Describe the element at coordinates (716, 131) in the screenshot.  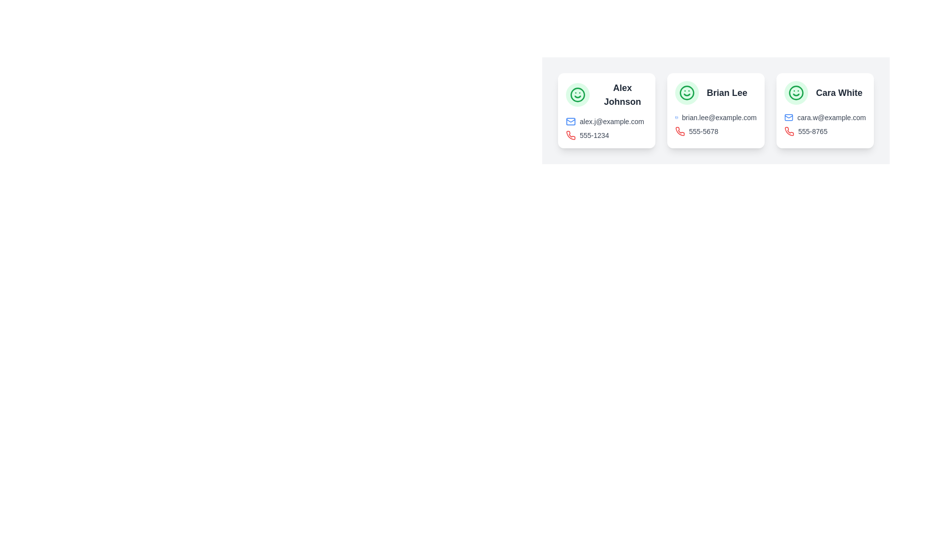
I see `the text displaying the phone number for 'Brian Lee', located below the email address and adjacent to the green avatar icon` at that location.